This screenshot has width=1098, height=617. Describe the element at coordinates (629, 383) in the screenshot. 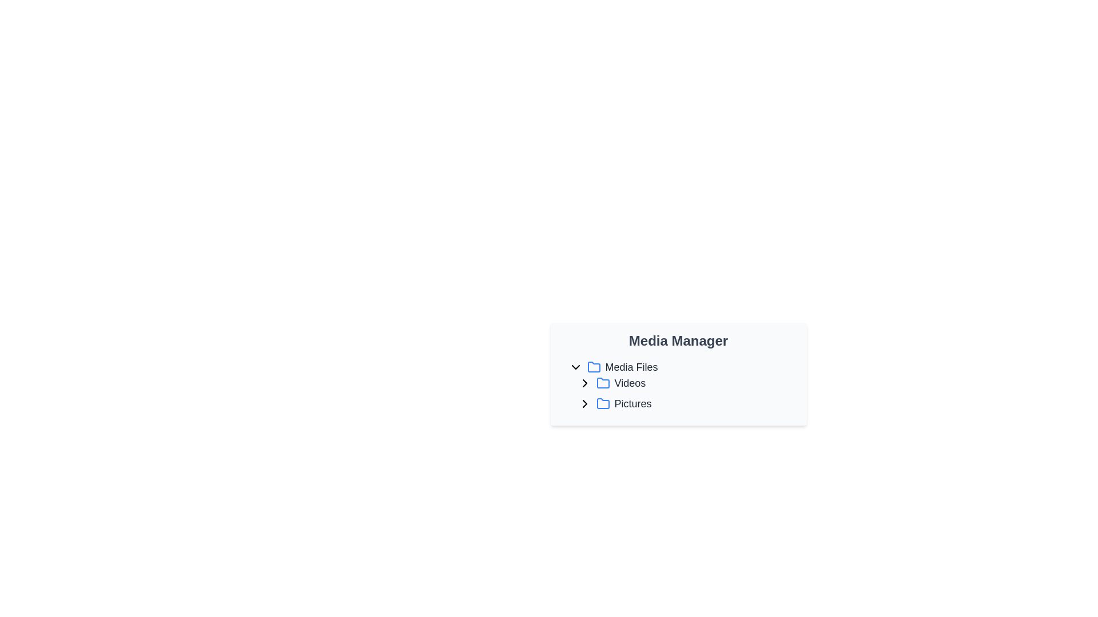

I see `the text label displaying 'Videos'` at that location.